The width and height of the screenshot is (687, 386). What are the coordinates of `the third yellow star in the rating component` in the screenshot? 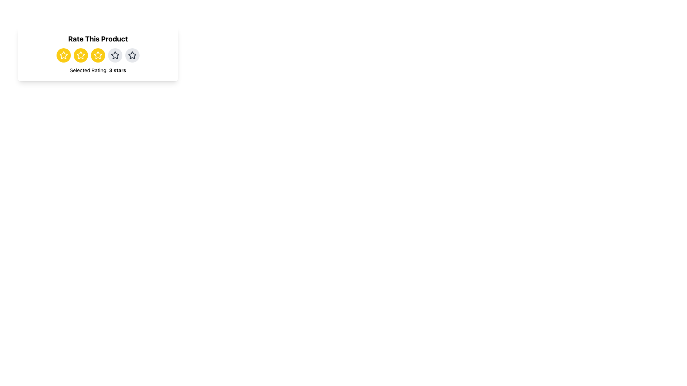 It's located at (63, 55).